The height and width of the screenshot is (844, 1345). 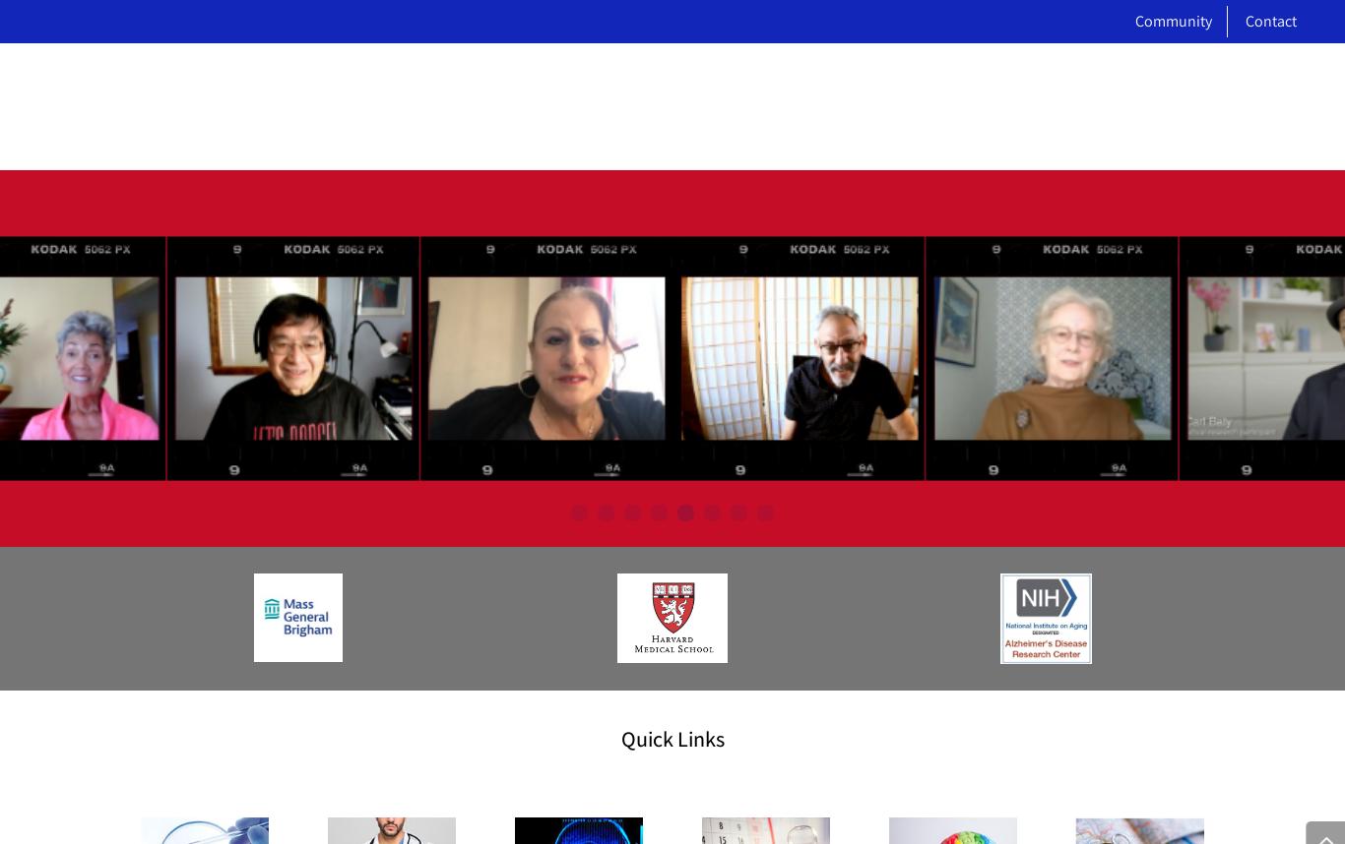 What do you see at coordinates (555, 234) in the screenshot?
I see `'Events'` at bounding box center [555, 234].